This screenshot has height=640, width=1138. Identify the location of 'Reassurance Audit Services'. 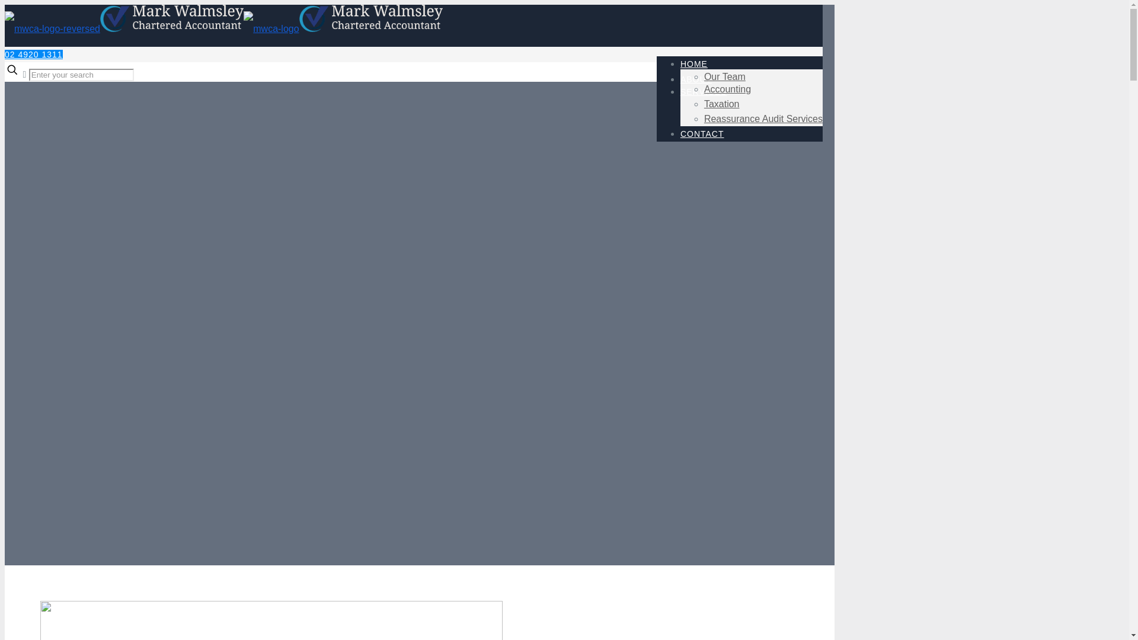
(763, 119).